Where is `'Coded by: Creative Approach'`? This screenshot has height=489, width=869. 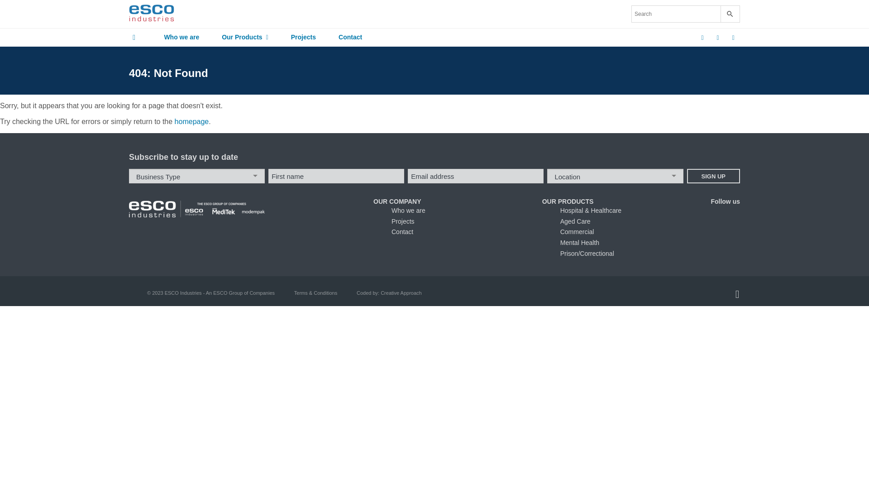 'Coded by: Creative Approach' is located at coordinates (389, 293).